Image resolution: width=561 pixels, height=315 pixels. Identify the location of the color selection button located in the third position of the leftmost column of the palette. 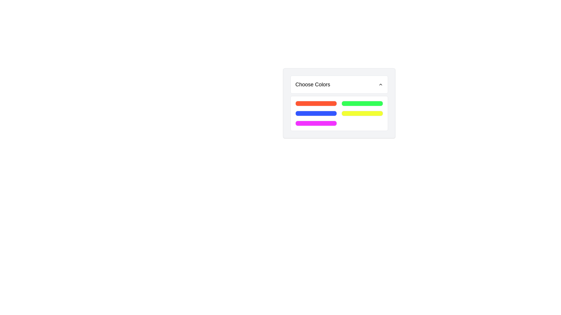
(316, 113).